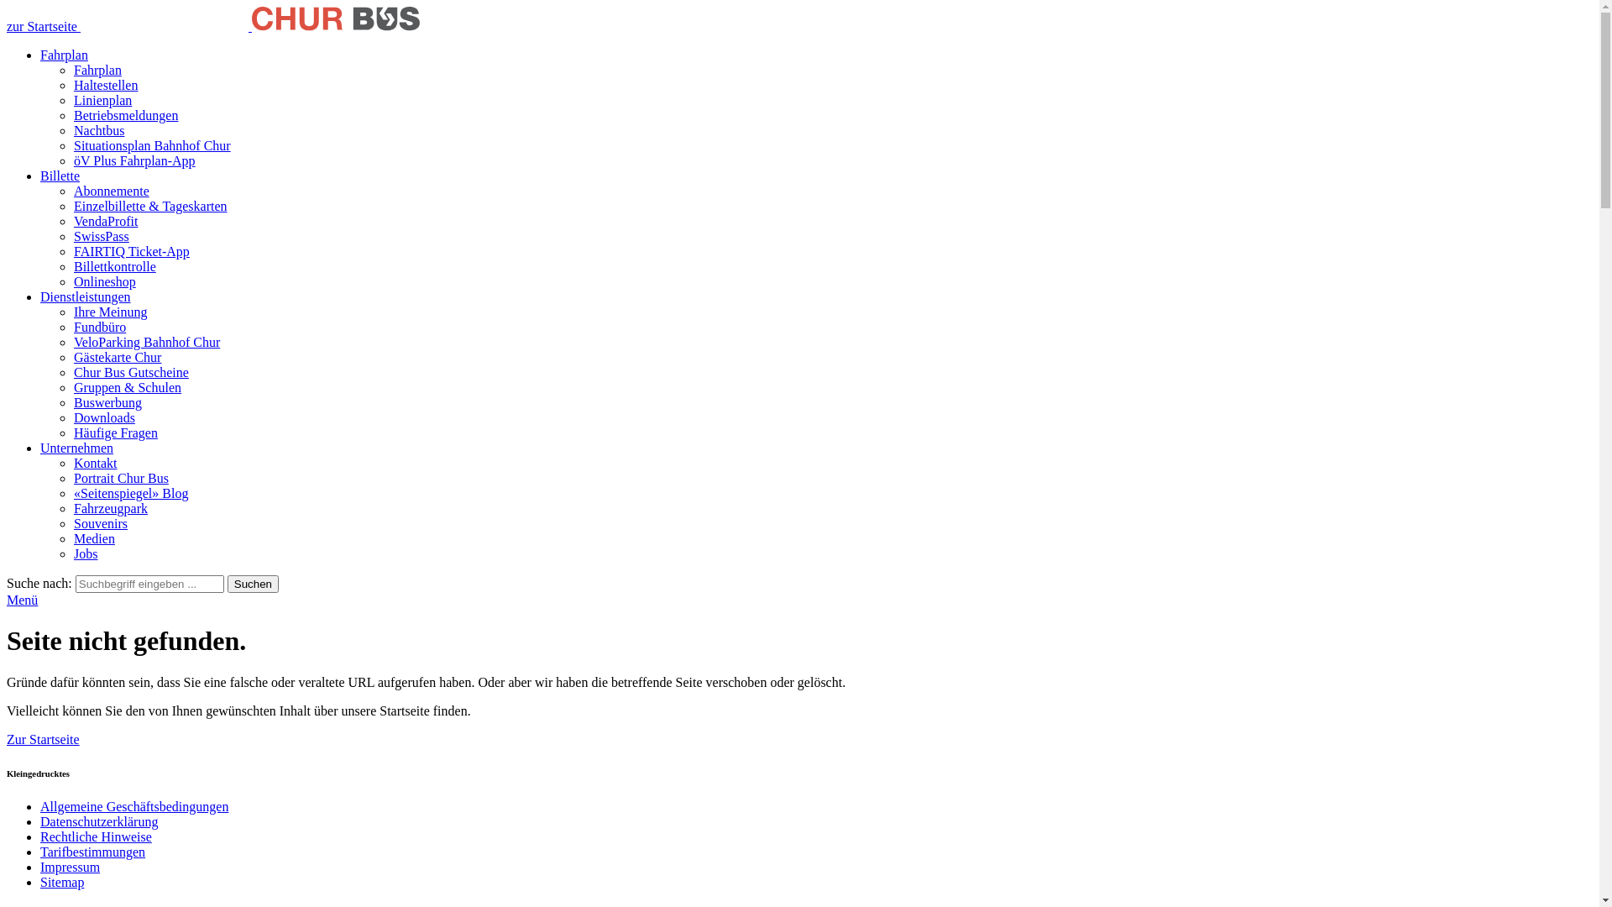  What do you see at coordinates (60, 176) in the screenshot?
I see `'Billette'` at bounding box center [60, 176].